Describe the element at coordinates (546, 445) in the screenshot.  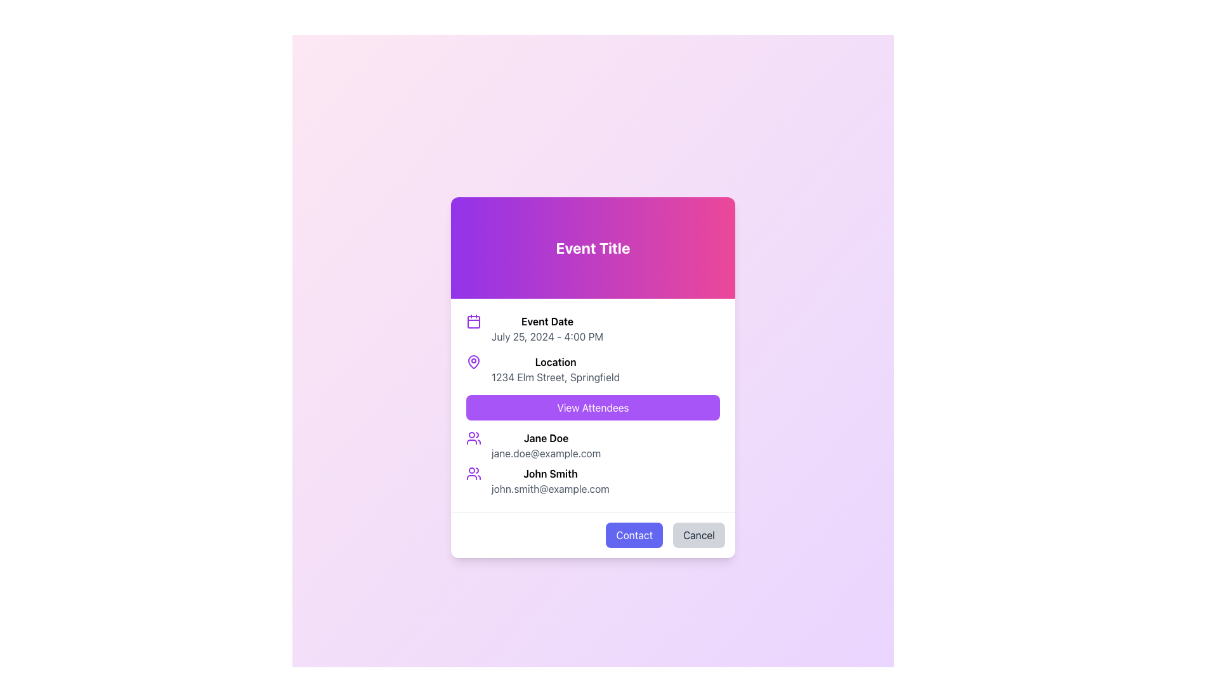
I see `the text block displaying attendee details for 'Jane Doe' with email 'jane.doe@example.com'` at that location.